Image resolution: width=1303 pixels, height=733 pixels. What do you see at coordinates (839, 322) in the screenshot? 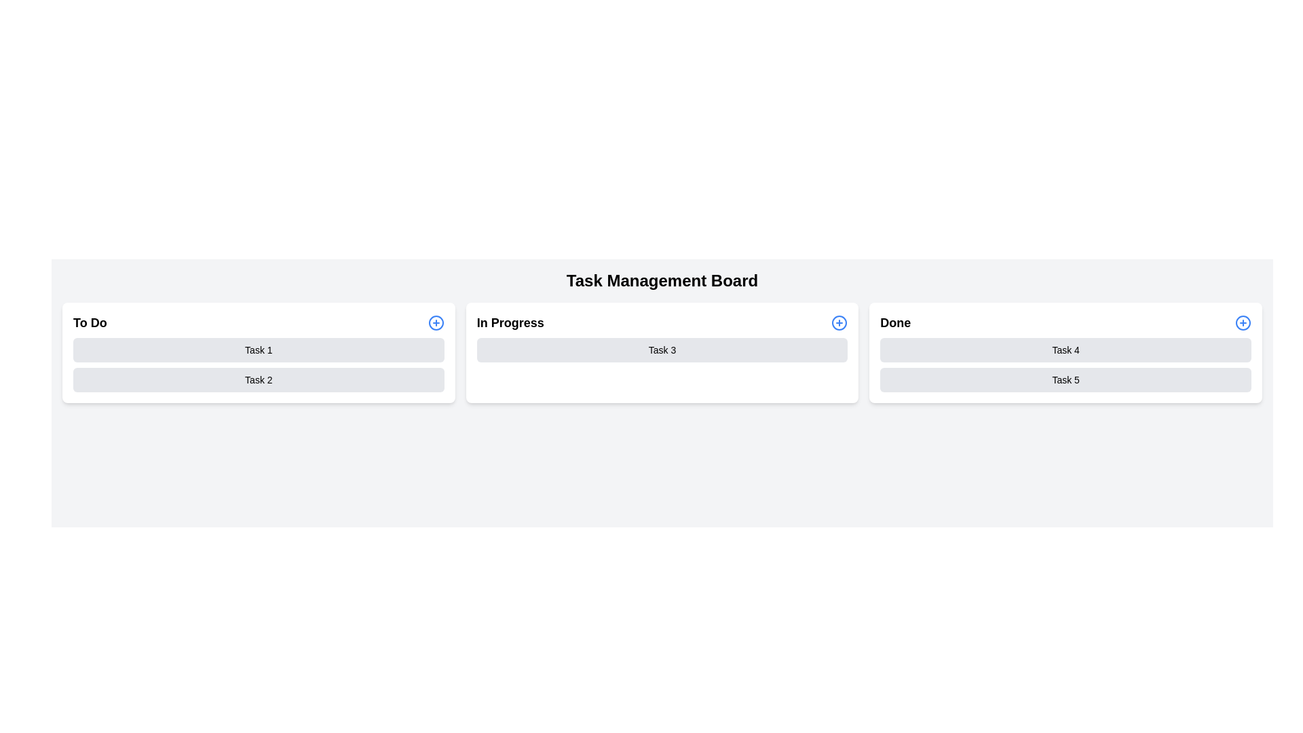
I see `the circular '+' button with a blue outline located in the top-right corner of the 'In Progress' column header` at bounding box center [839, 322].